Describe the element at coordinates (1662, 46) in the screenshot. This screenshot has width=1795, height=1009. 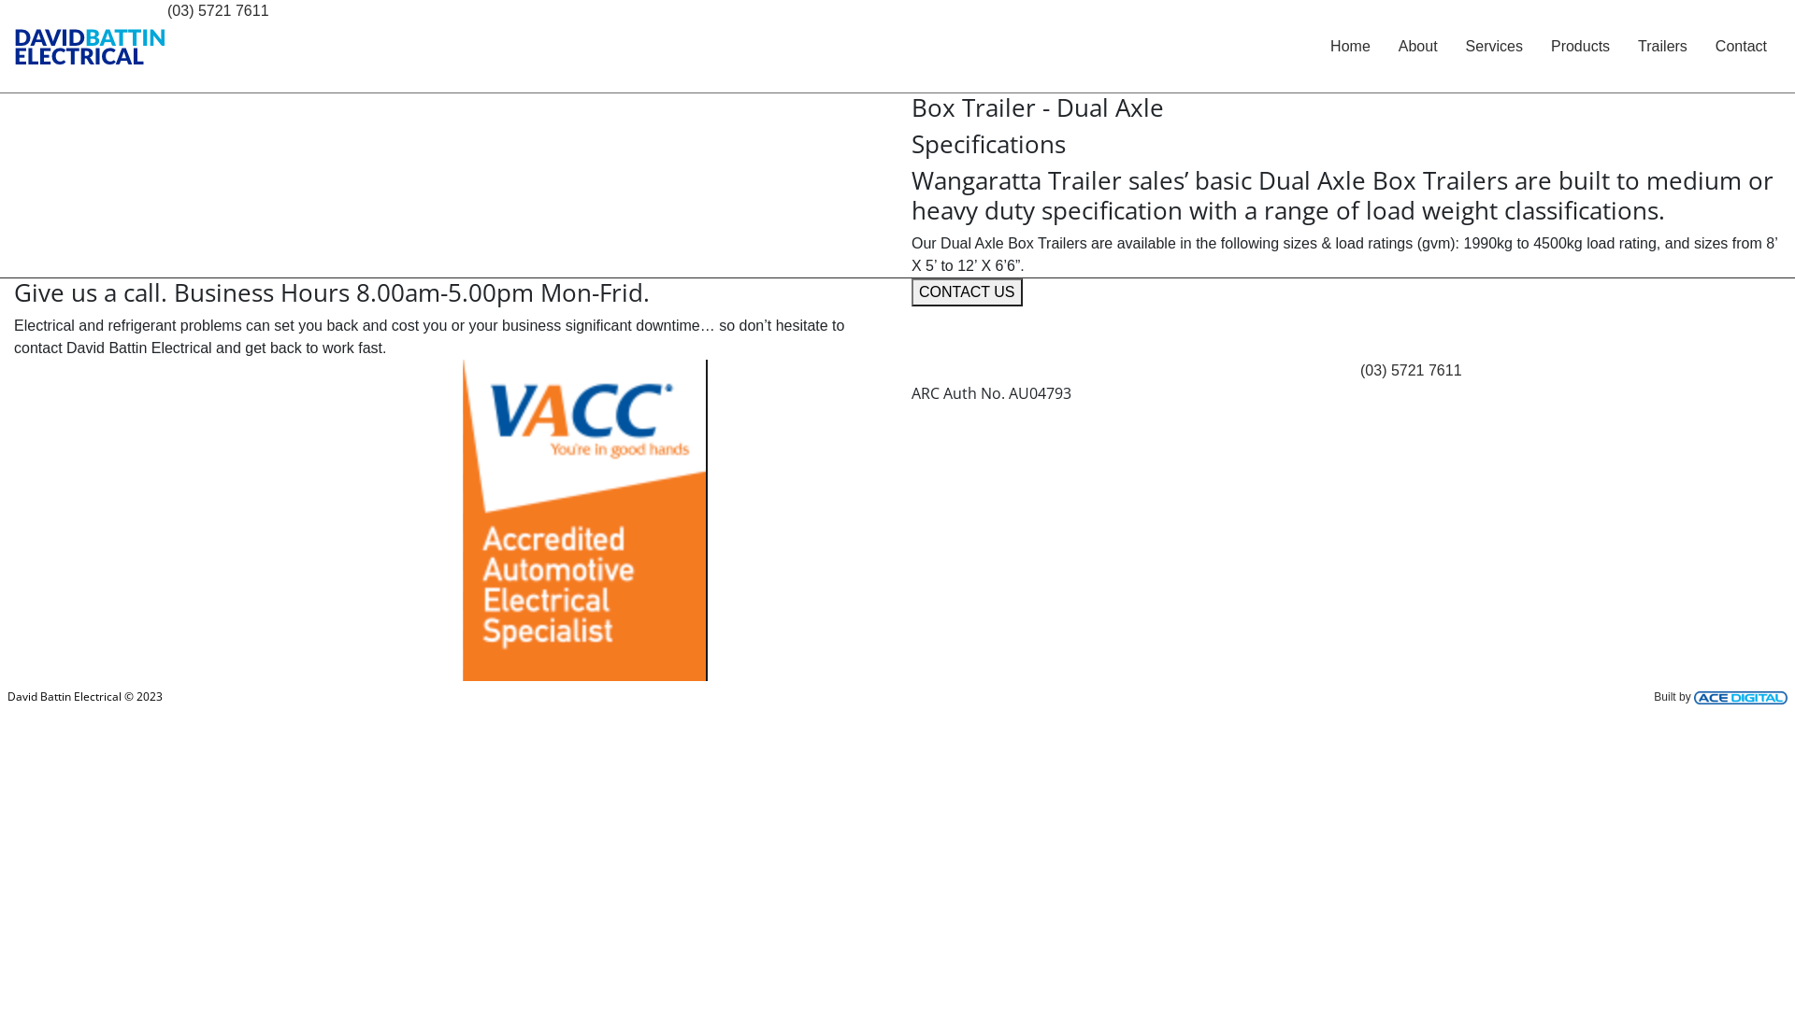
I see `'Trailers'` at that location.